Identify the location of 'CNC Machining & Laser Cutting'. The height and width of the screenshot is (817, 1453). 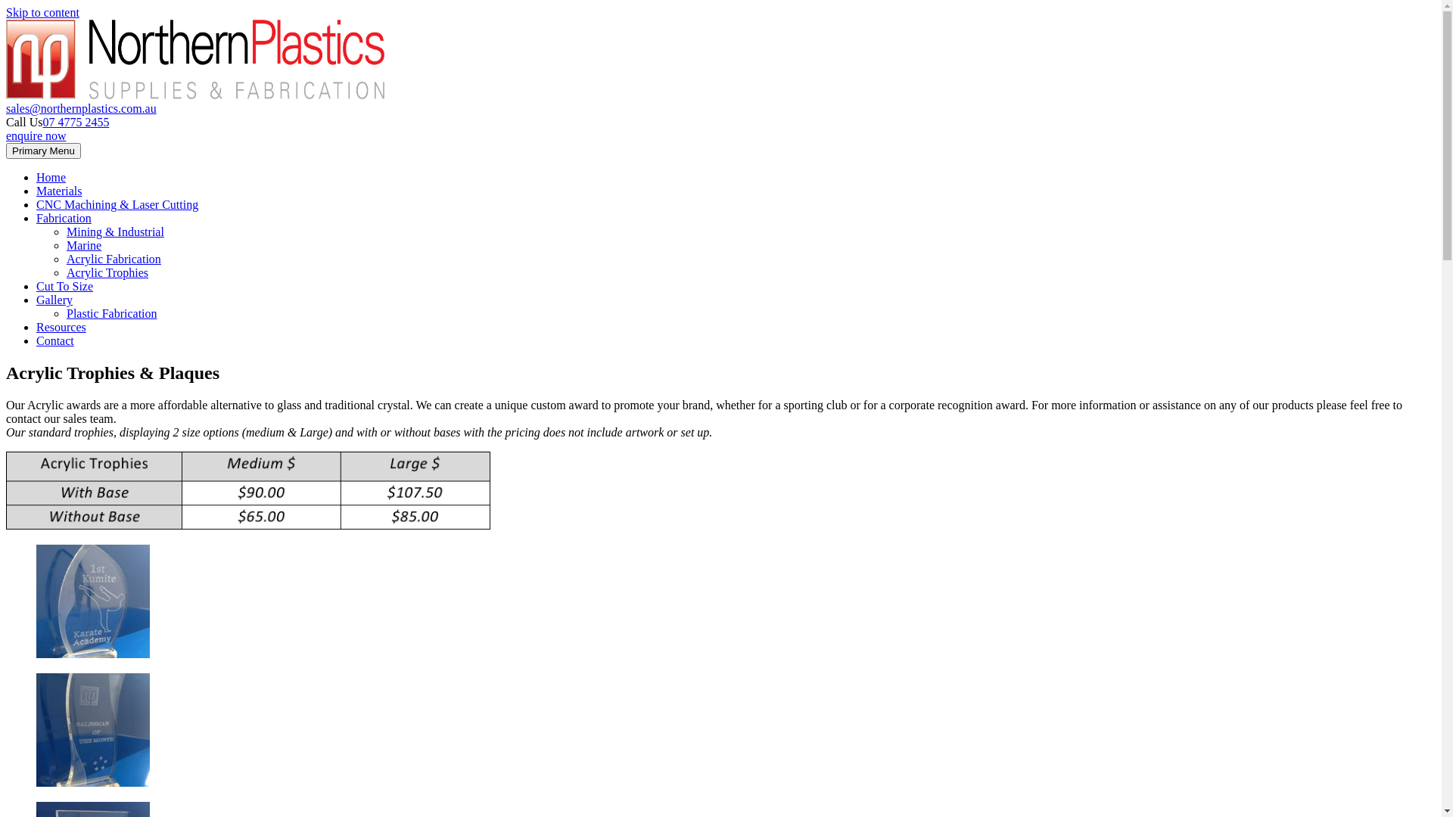
(36, 204).